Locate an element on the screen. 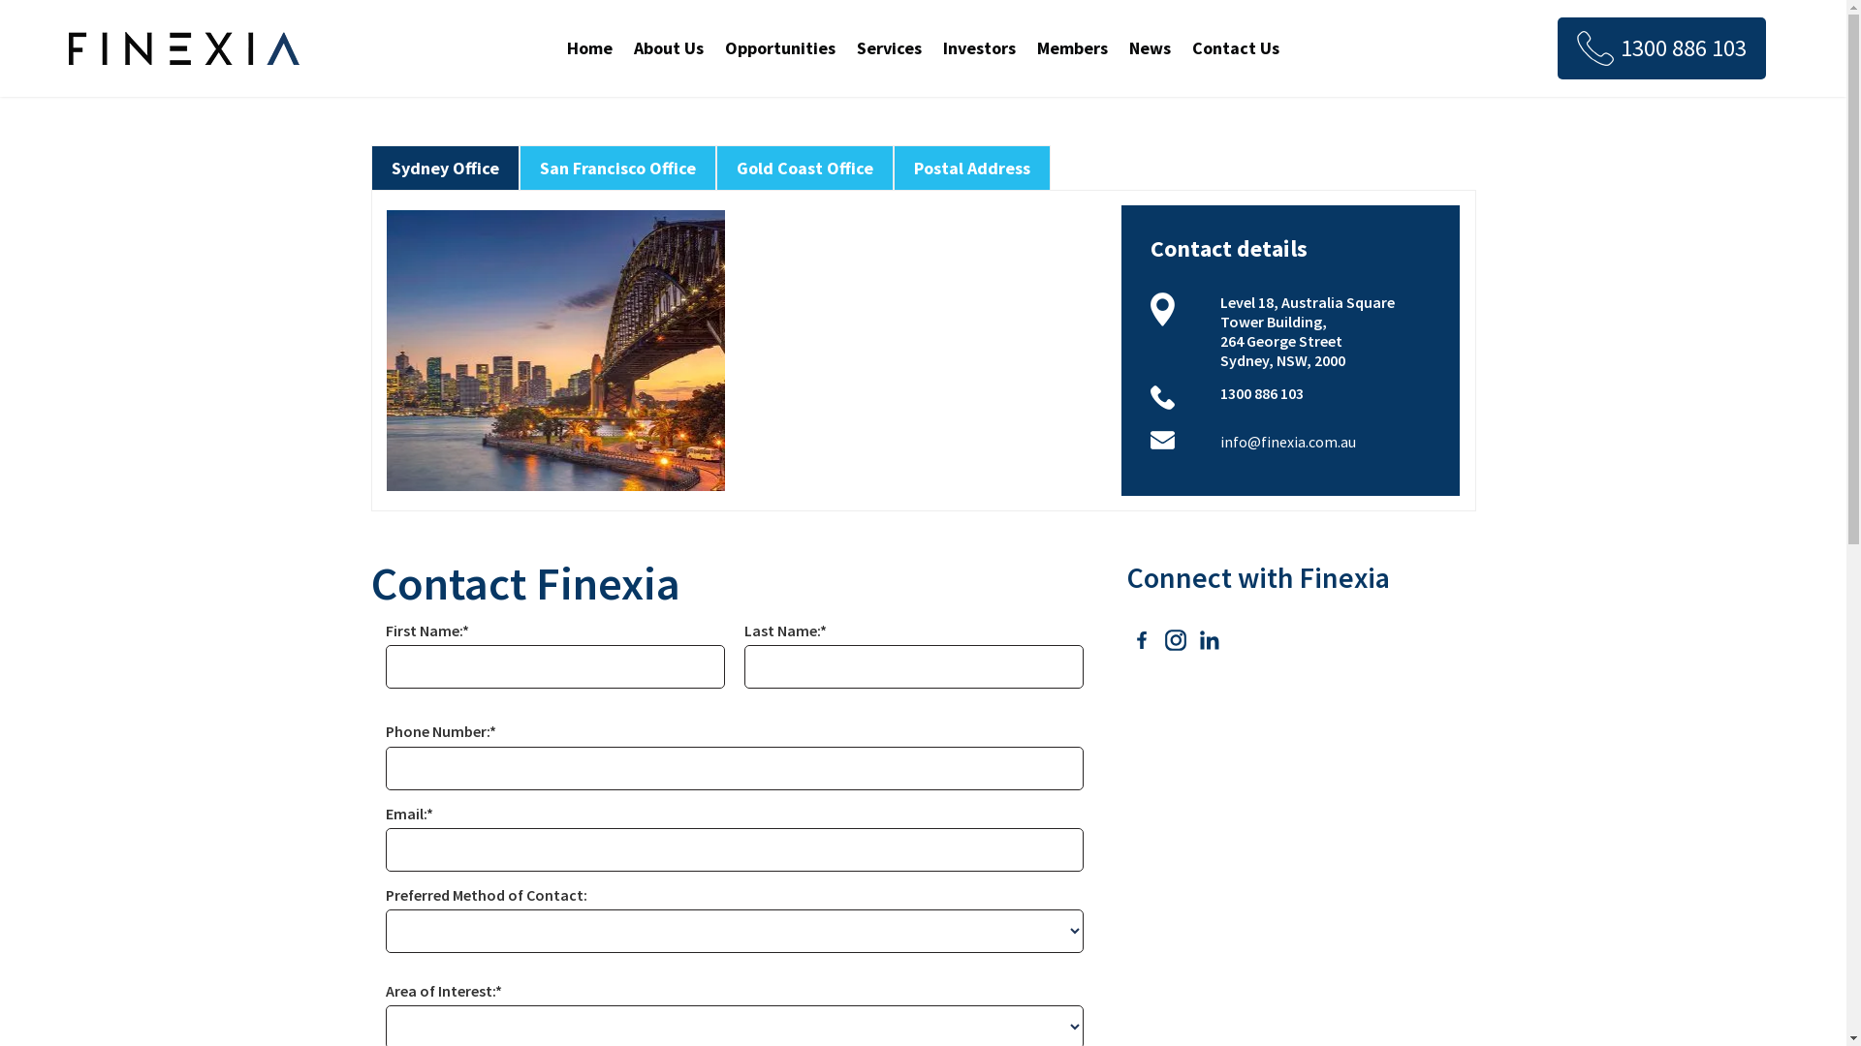 The width and height of the screenshot is (1861, 1046). 'About Us' is located at coordinates (669, 47).